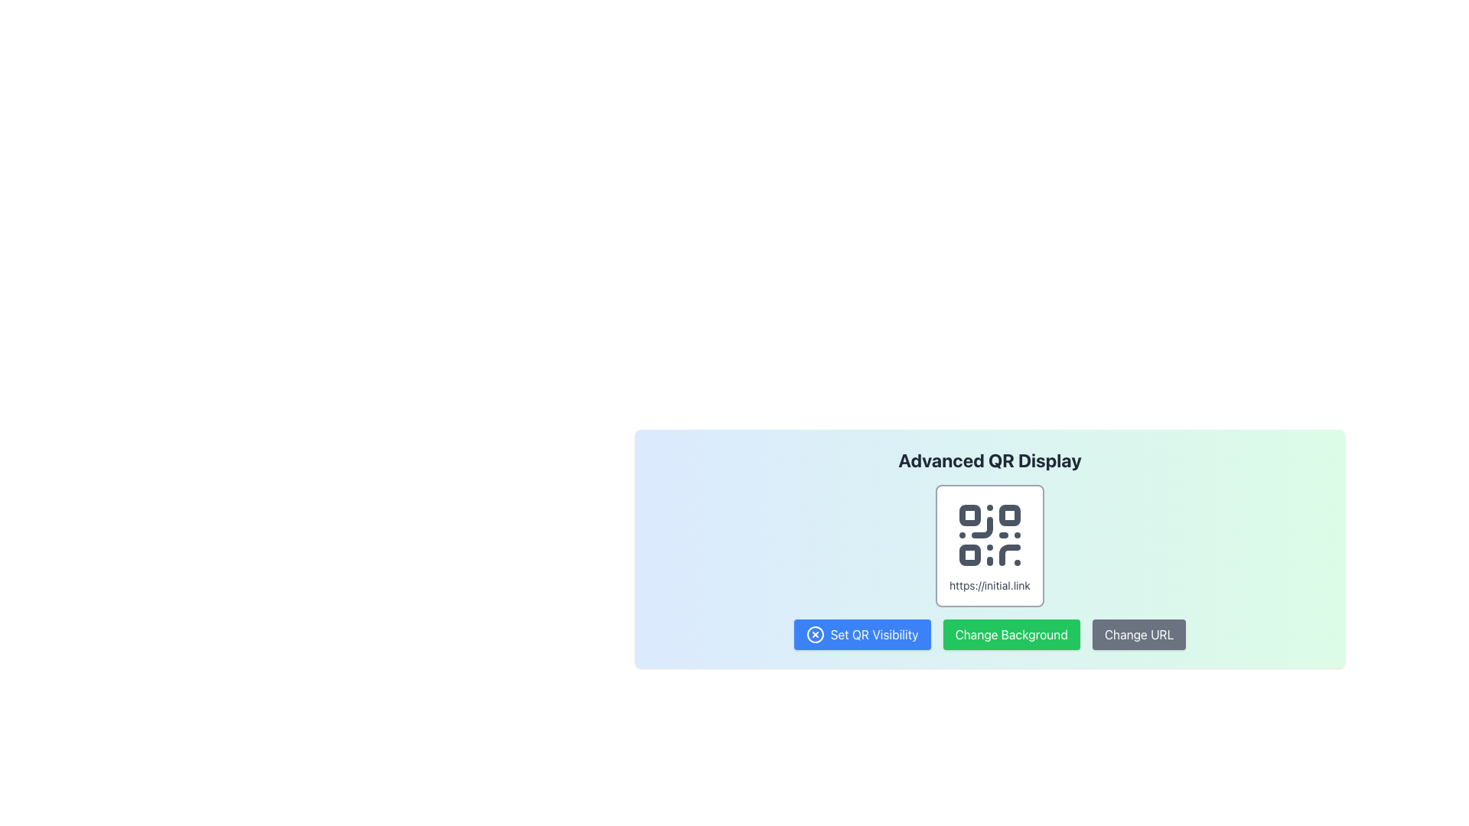 The width and height of the screenshot is (1469, 826). What do you see at coordinates (862, 634) in the screenshot?
I see `the button for toggling QR visibility, which is the first button in a horizontal layout group at the bottom part of the interface` at bounding box center [862, 634].